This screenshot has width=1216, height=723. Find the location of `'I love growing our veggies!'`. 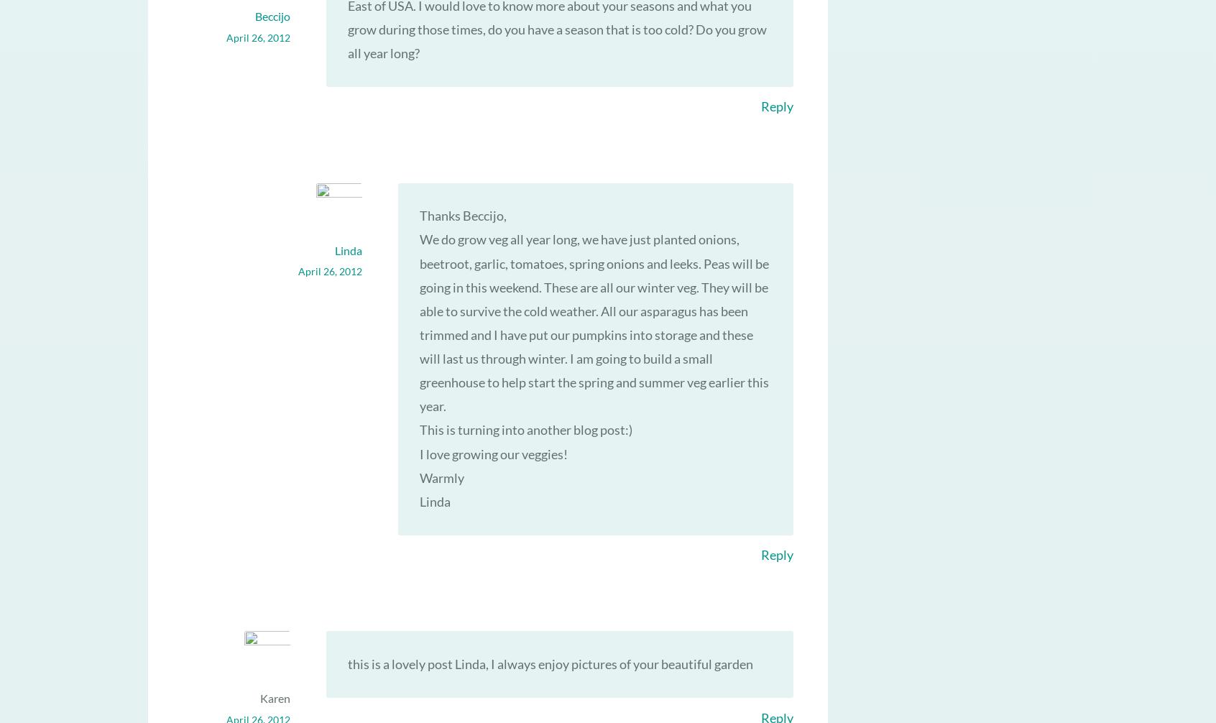

'I love growing our veggies!' is located at coordinates (418, 453).